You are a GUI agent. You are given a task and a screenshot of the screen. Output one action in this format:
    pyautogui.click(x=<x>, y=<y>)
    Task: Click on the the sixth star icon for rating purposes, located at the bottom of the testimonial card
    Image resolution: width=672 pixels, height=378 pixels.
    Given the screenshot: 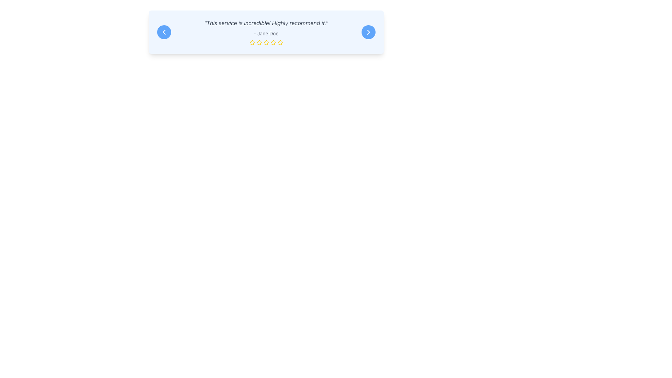 What is the action you would take?
    pyautogui.click(x=273, y=43)
    